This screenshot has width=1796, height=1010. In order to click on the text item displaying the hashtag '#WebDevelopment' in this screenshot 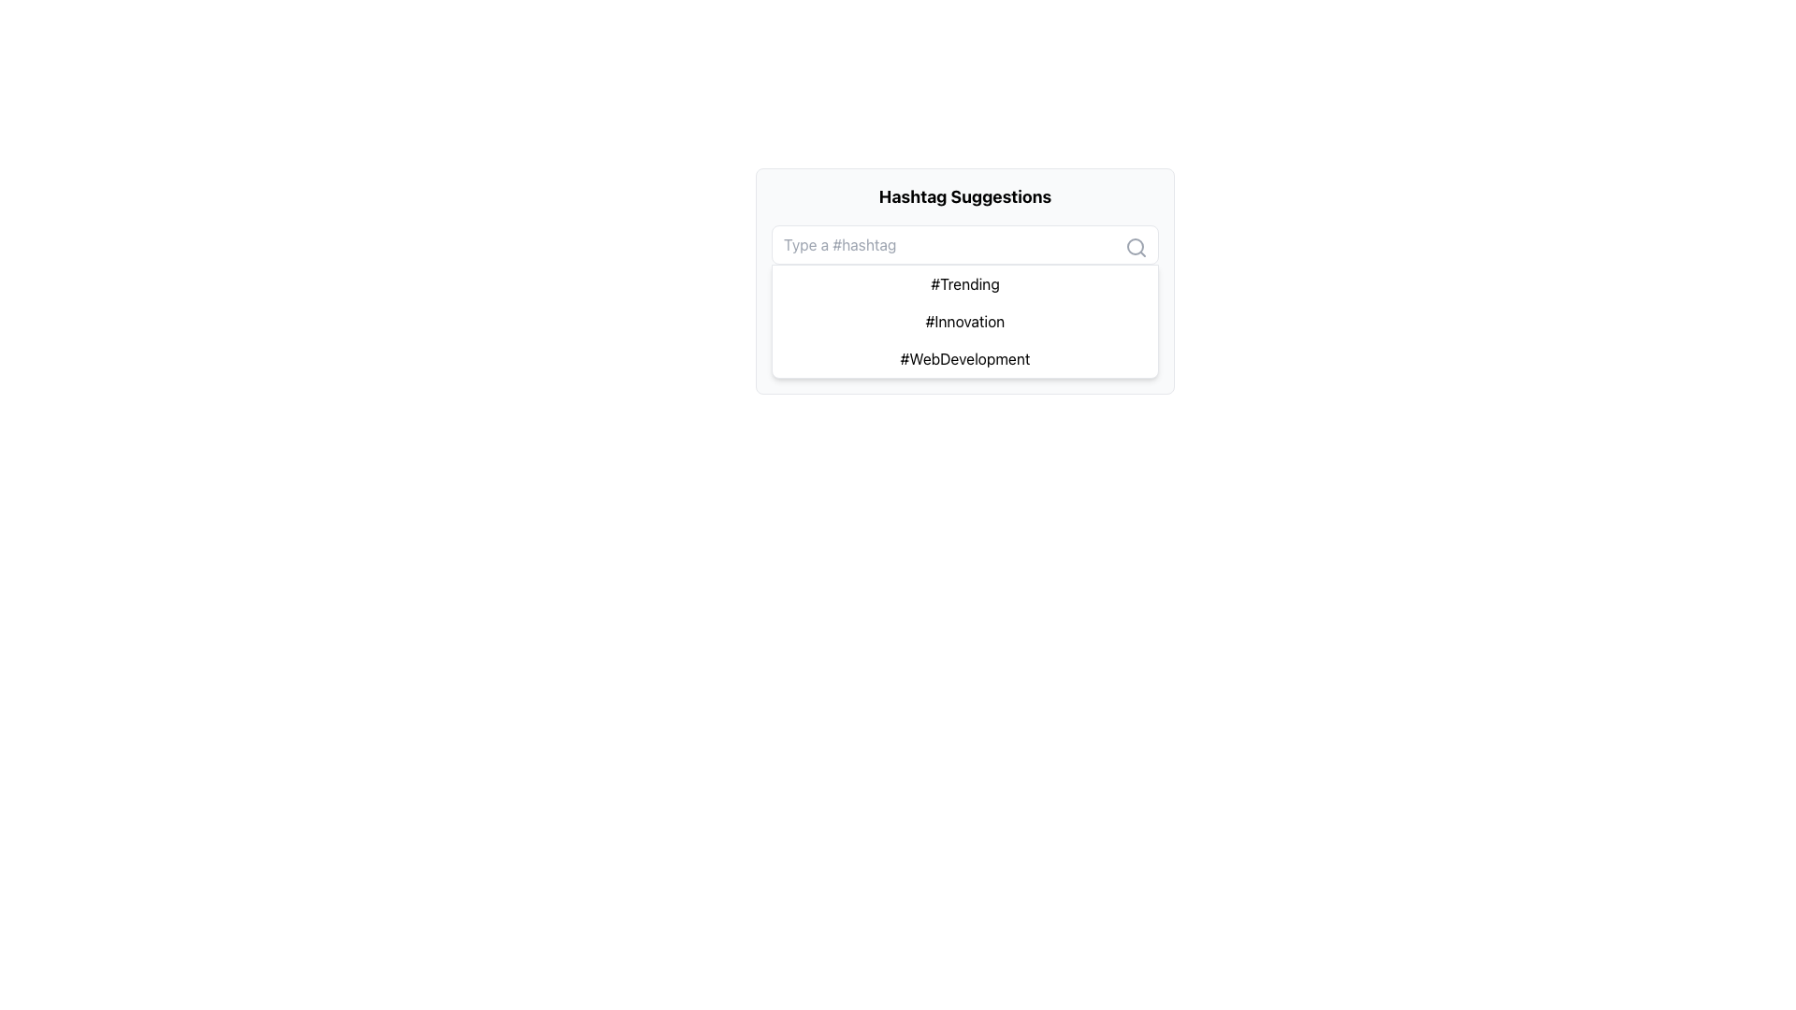, I will do `click(965, 359)`.